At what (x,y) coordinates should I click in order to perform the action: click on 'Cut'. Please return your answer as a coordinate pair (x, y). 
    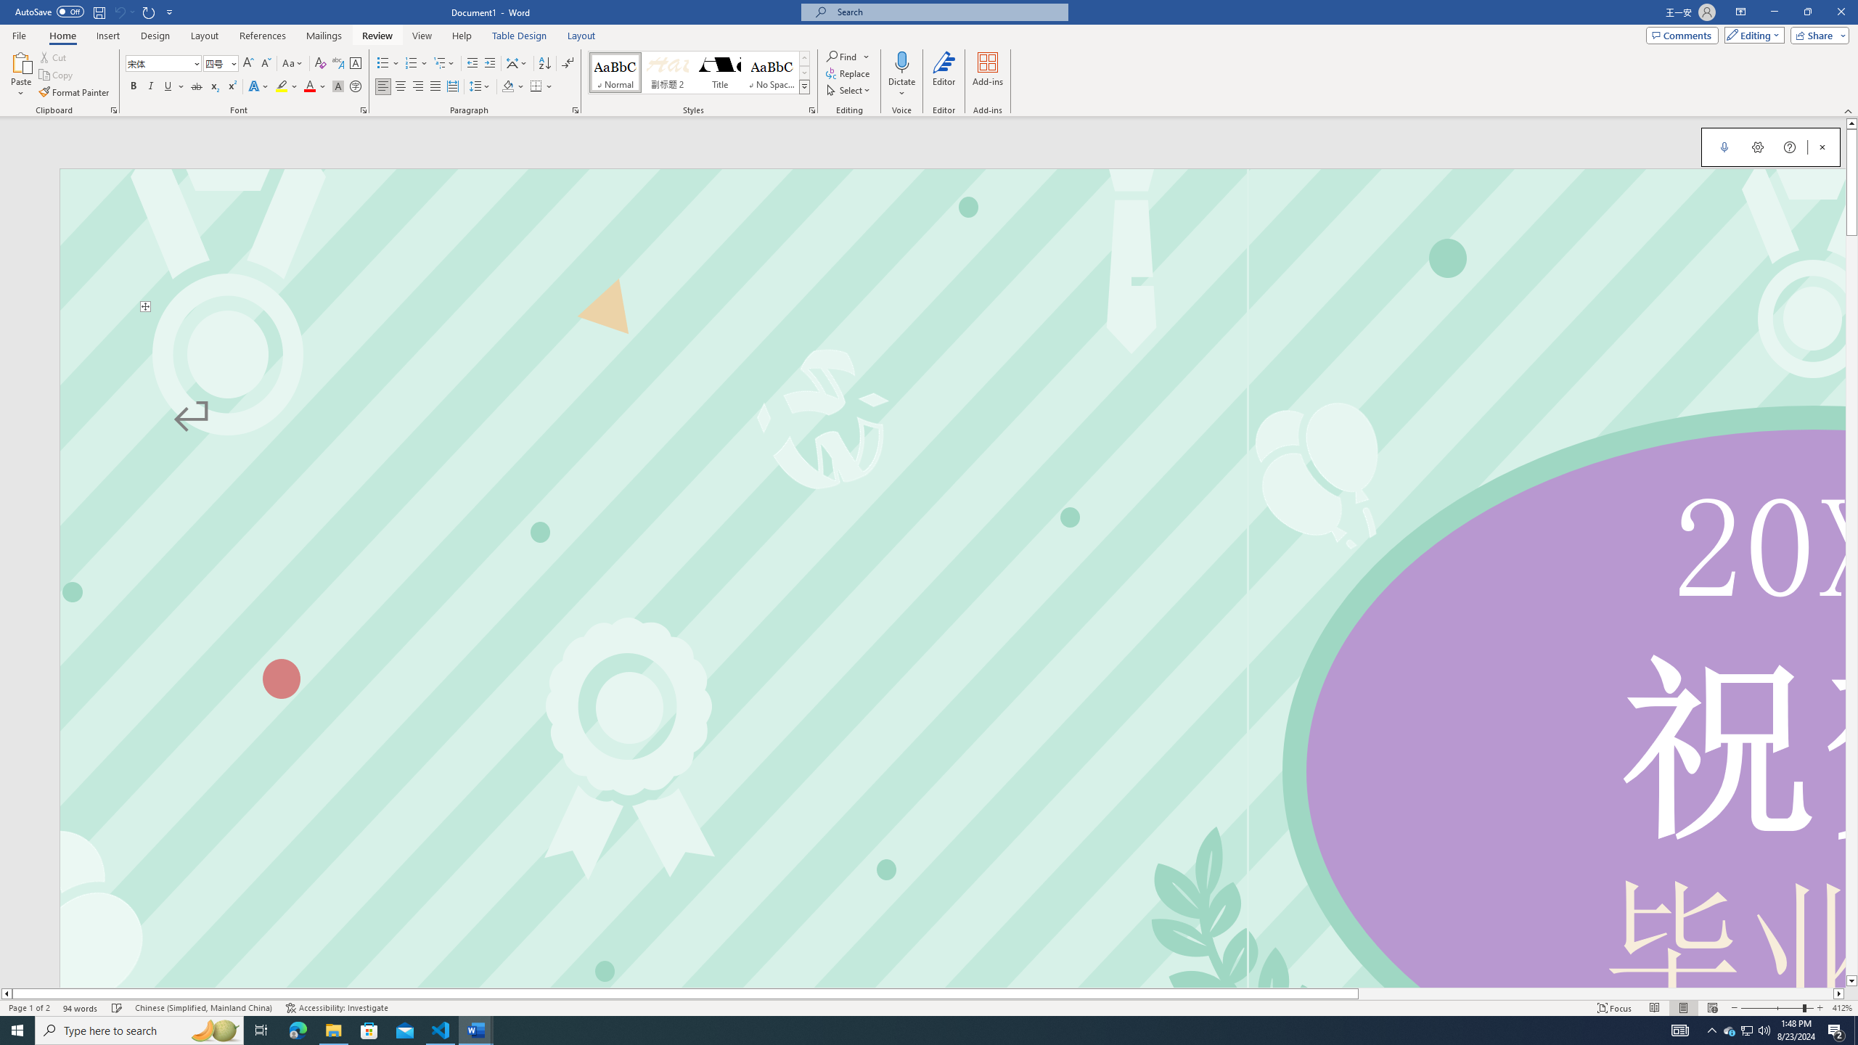
    Looking at the image, I should click on (53, 57).